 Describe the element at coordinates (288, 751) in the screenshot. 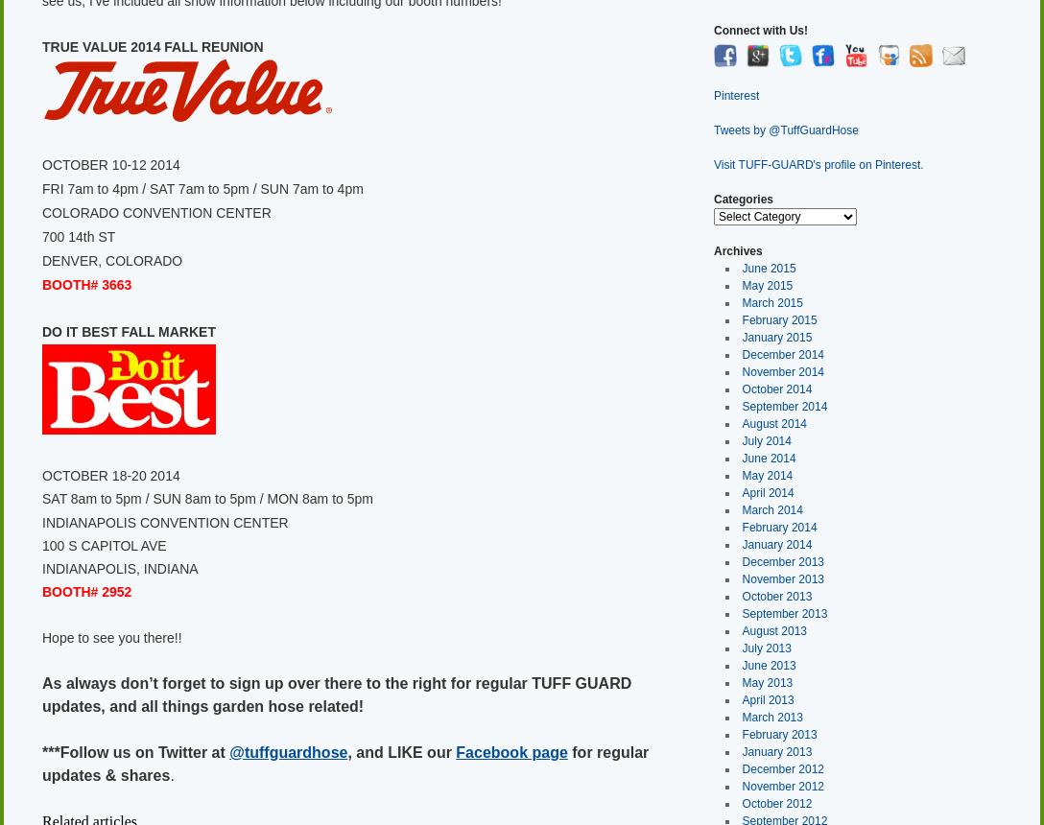

I see `'@tuffguardhose'` at that location.